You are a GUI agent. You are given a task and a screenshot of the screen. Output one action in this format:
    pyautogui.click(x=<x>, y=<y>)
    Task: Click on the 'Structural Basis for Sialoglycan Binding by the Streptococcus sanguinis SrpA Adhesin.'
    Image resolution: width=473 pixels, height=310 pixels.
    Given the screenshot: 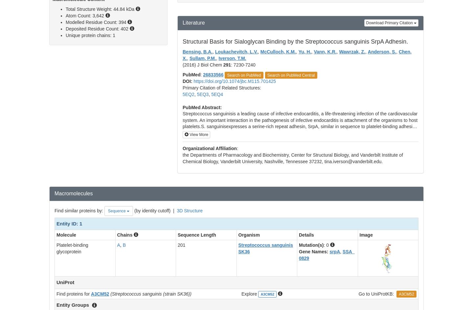 What is the action you would take?
    pyautogui.click(x=295, y=41)
    